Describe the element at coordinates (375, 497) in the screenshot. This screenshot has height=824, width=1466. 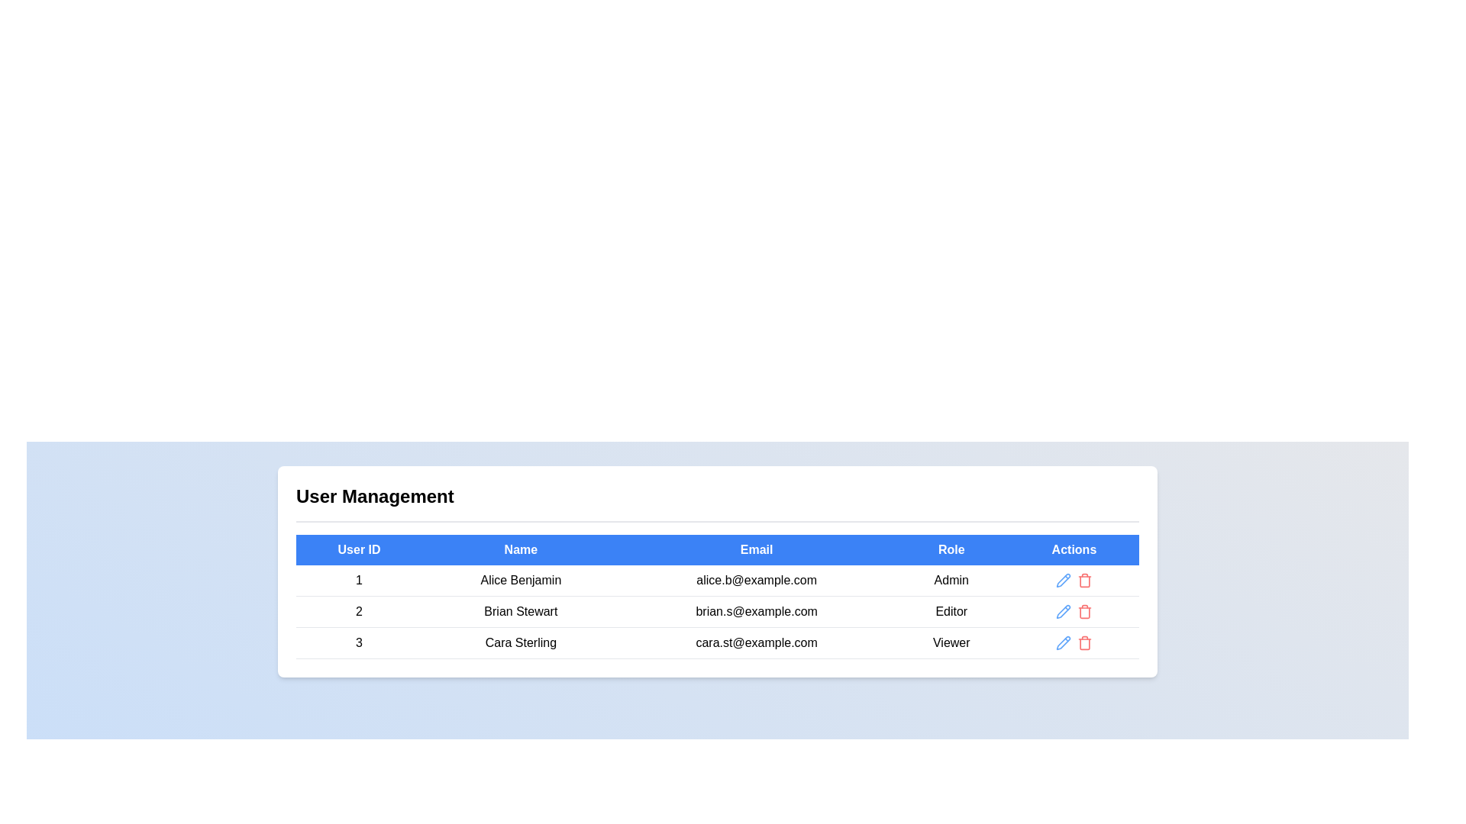
I see `the 'User Management' text header, which is a prominent title in large, bold black font located at the top left of the section` at that location.